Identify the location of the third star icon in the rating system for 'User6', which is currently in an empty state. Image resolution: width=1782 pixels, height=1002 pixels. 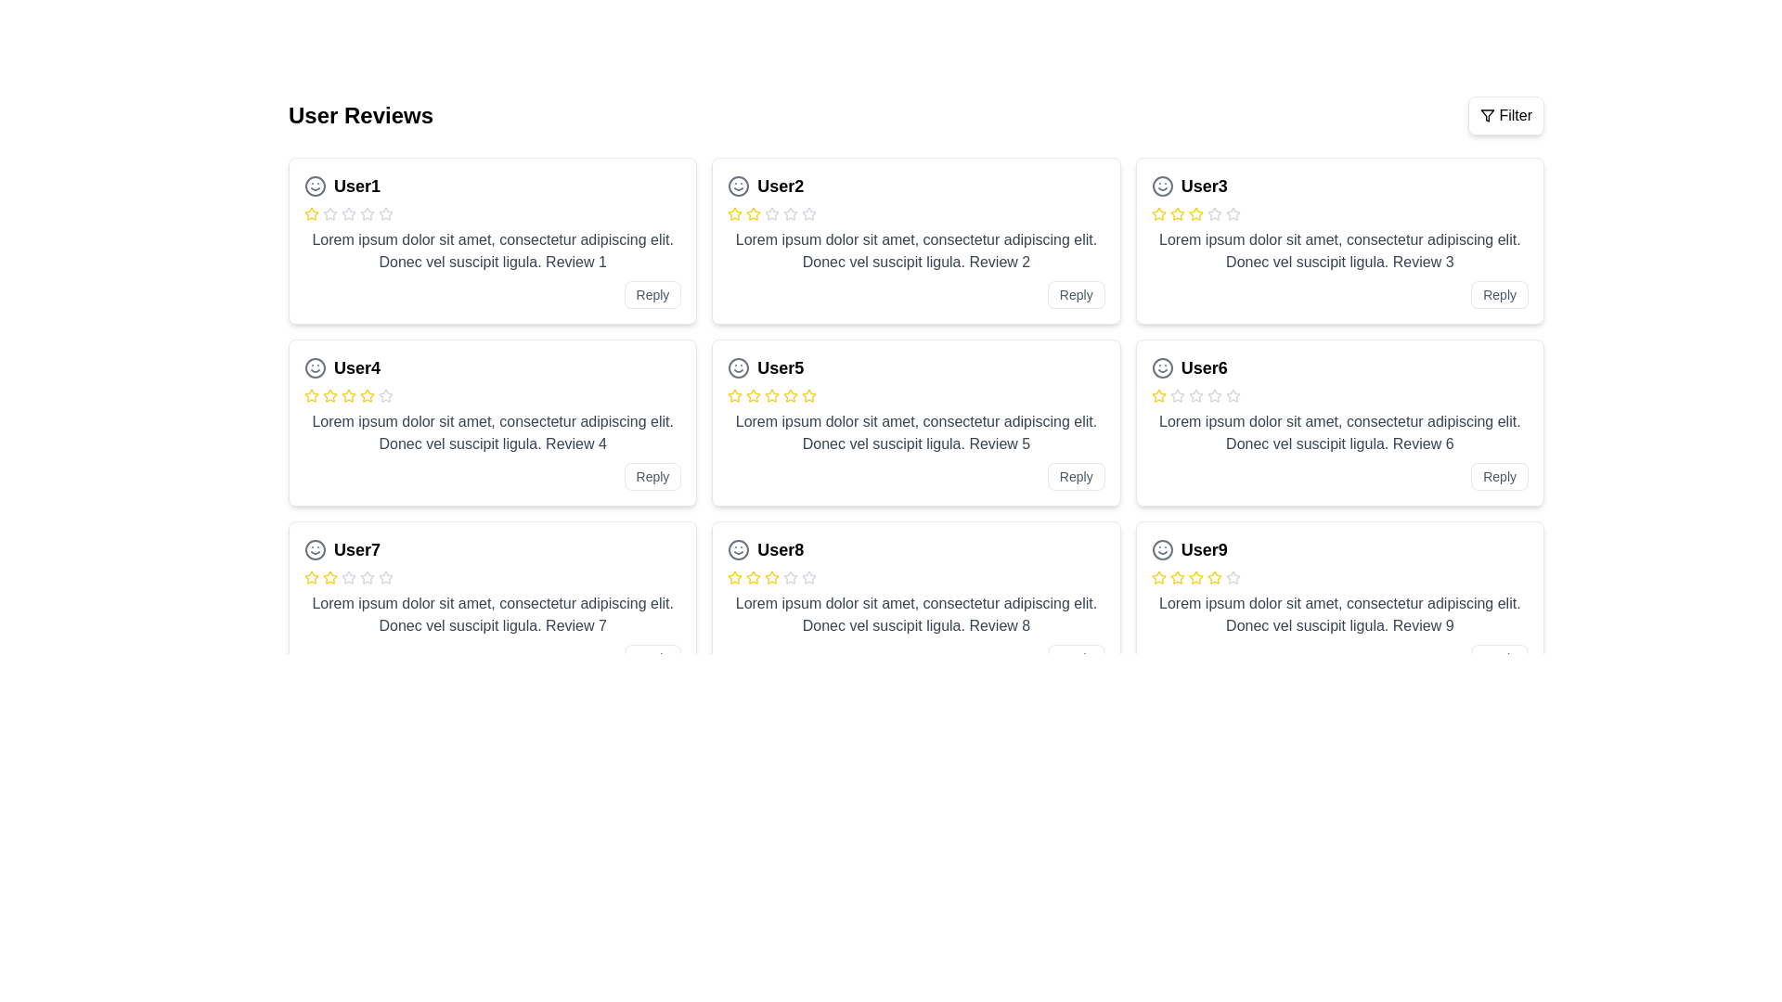
(1176, 395).